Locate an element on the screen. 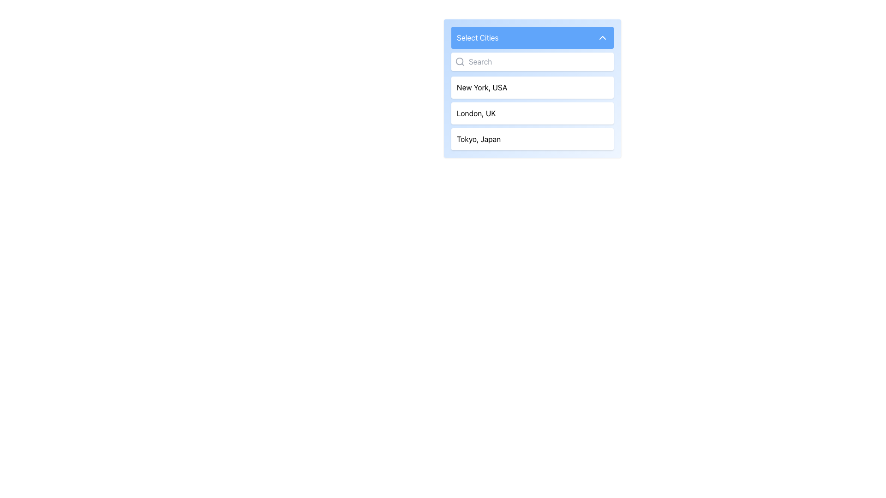 The height and width of the screenshot is (498, 886). the list item labeled 'Tokyo, Japan', which is the third item in a vertical list with a white background and rounded edges is located at coordinates (532, 139).